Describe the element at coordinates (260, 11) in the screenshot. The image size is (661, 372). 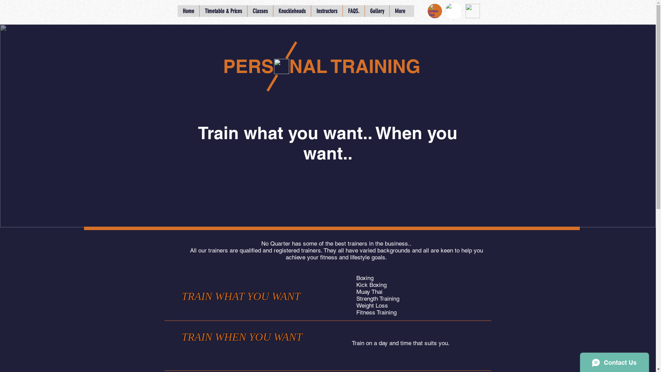
I see `'Classes'` at that location.